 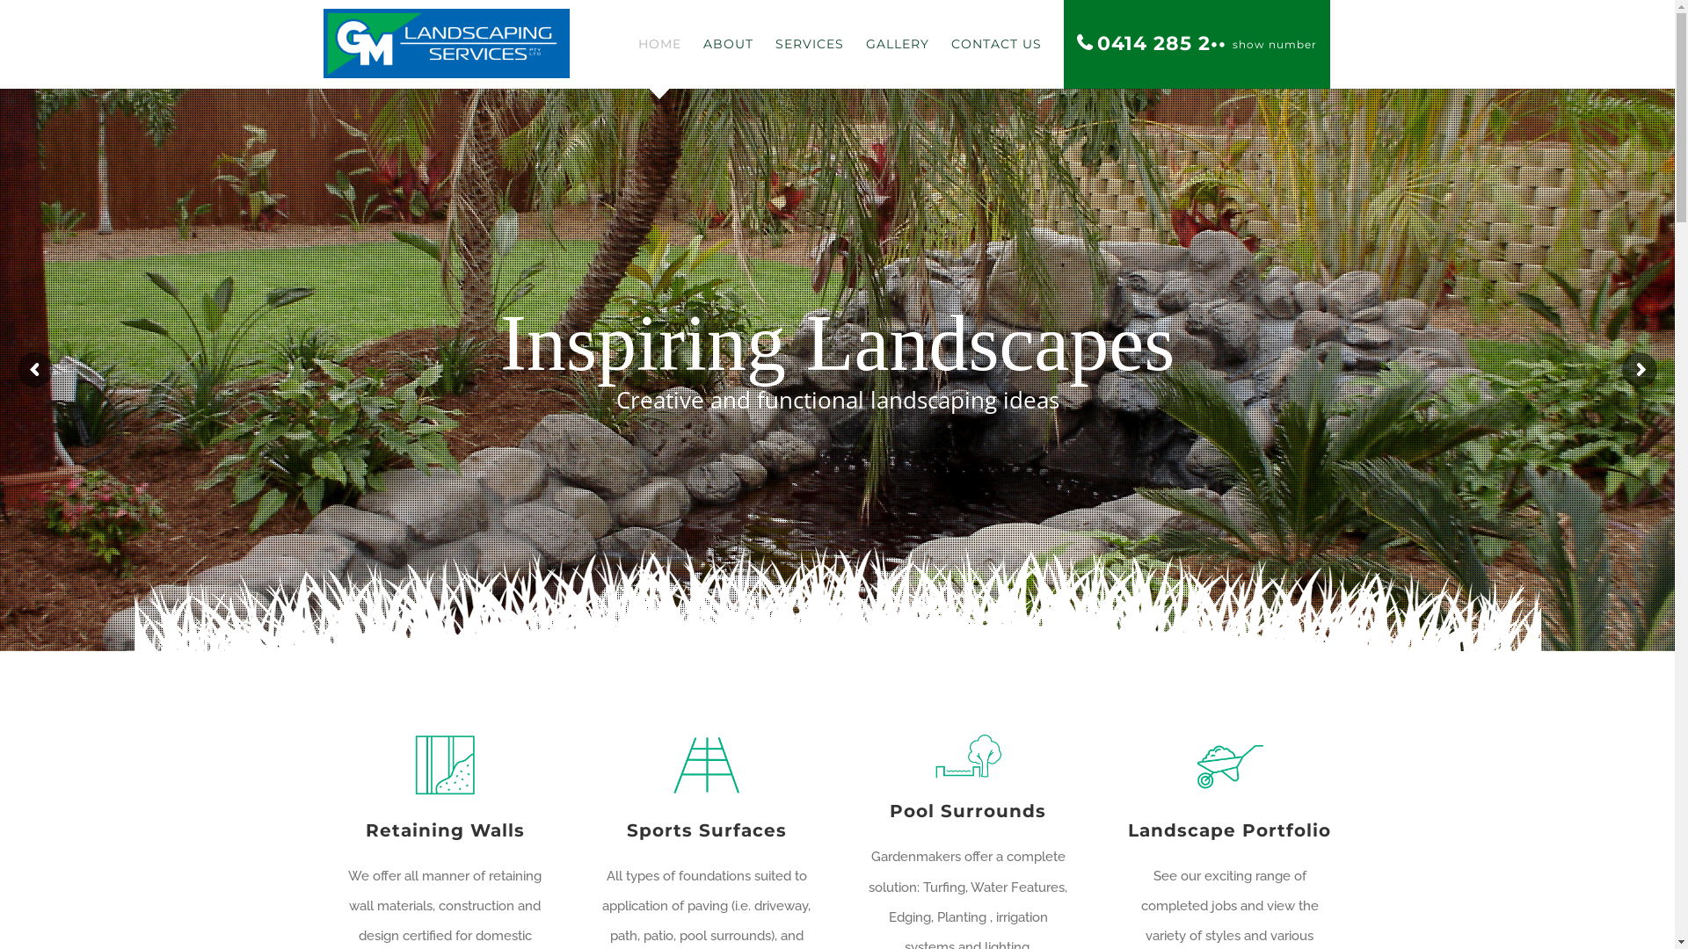 What do you see at coordinates (1228, 764) in the screenshot?
I see `'portfolio_icon_col'` at bounding box center [1228, 764].